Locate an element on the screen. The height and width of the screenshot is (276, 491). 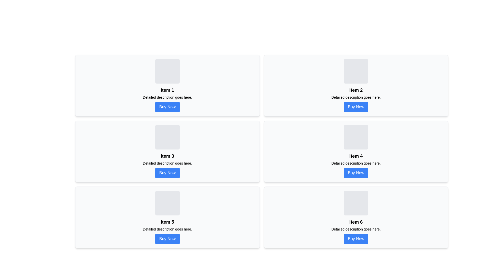
the Text label element that serves as the title for the card labeled 'Item 5' in the third row and first column of the grid layout is located at coordinates (167, 222).